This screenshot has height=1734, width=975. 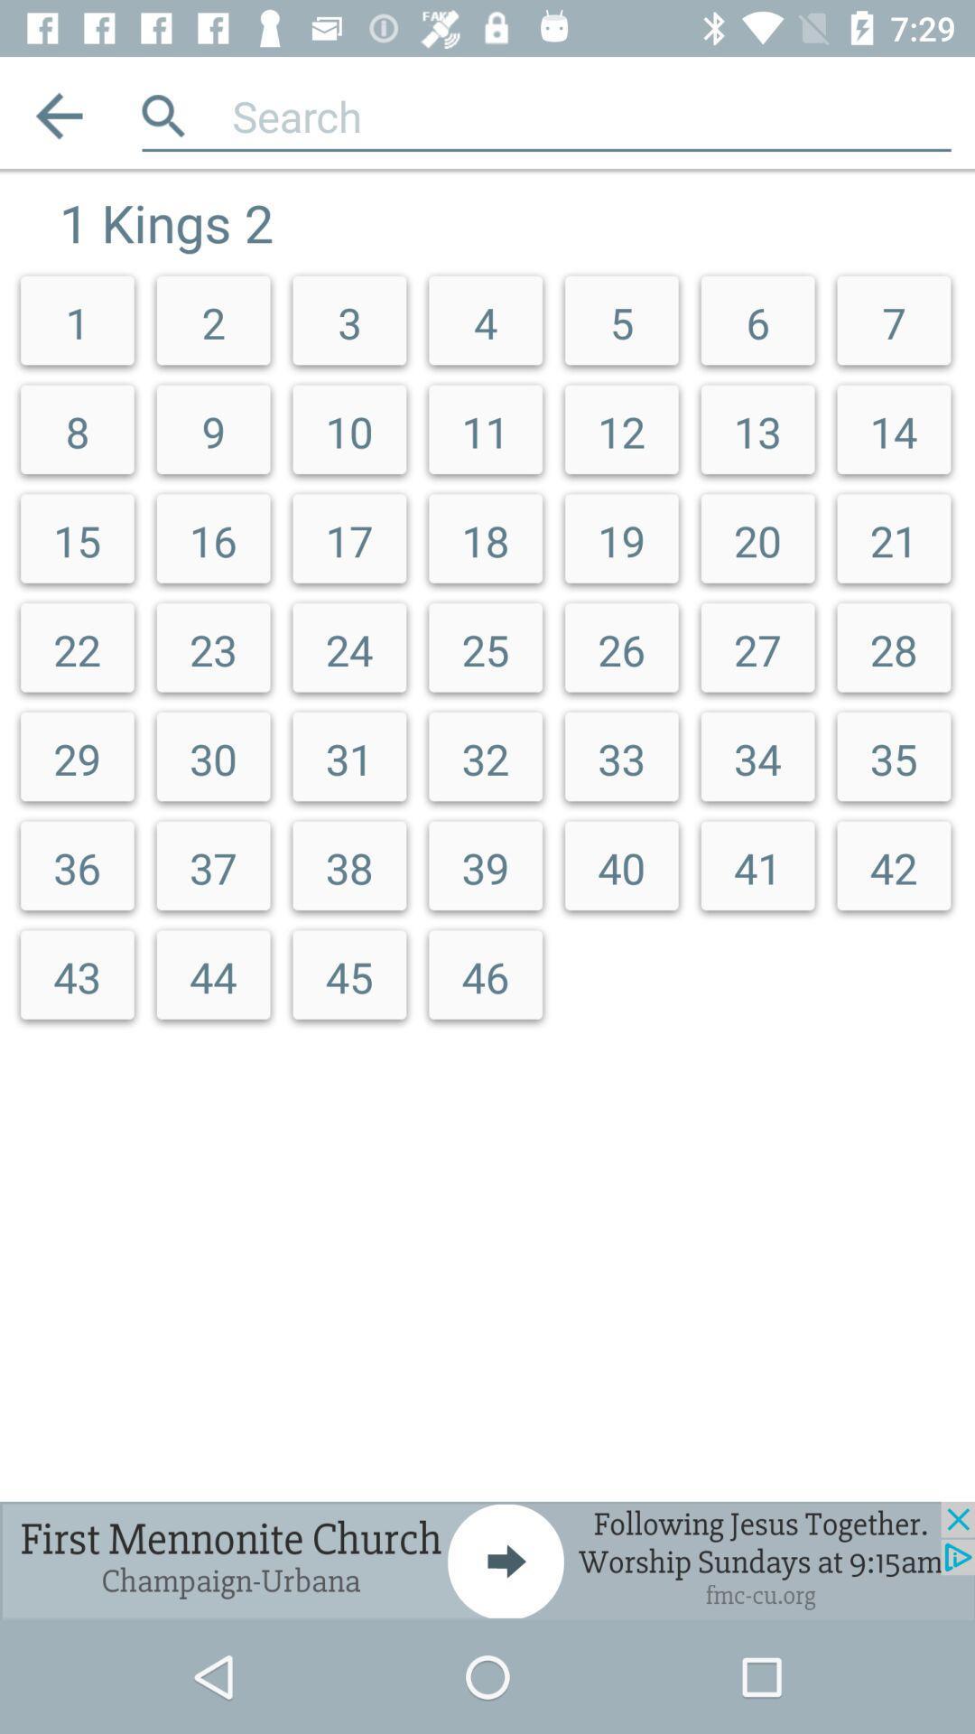 What do you see at coordinates (58, 115) in the screenshot?
I see `the arrow_backward icon` at bounding box center [58, 115].